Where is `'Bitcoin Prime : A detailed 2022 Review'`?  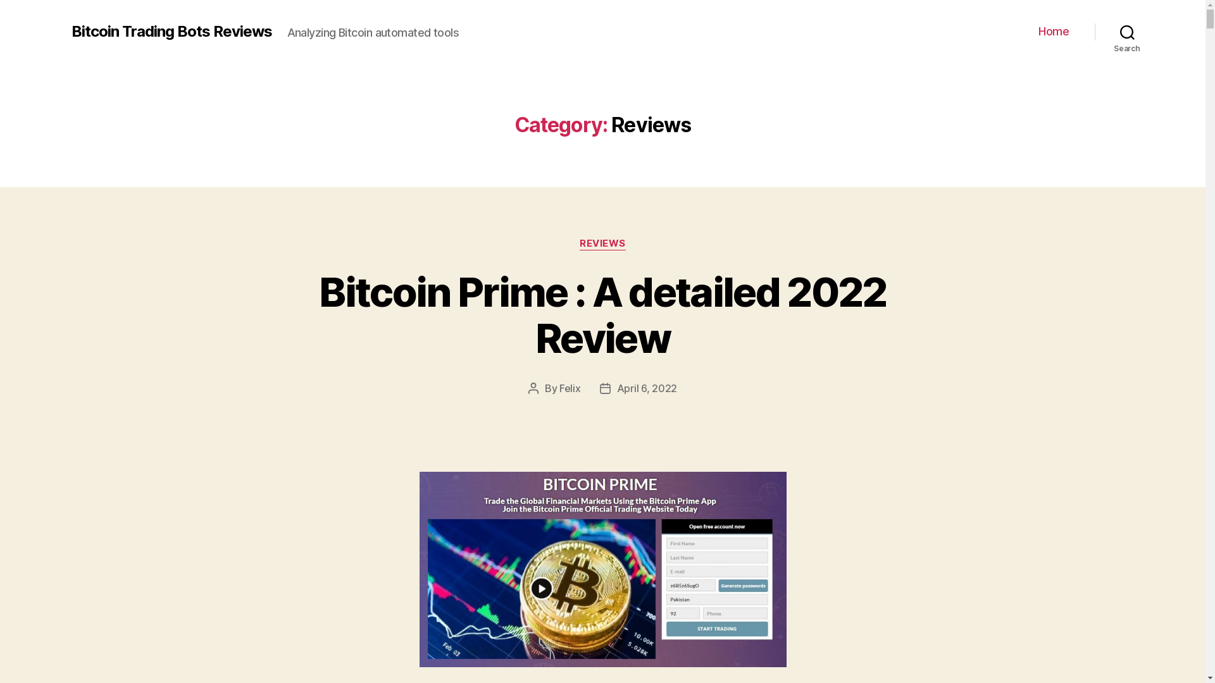
'Bitcoin Prime : A detailed 2022 Review' is located at coordinates (602, 314).